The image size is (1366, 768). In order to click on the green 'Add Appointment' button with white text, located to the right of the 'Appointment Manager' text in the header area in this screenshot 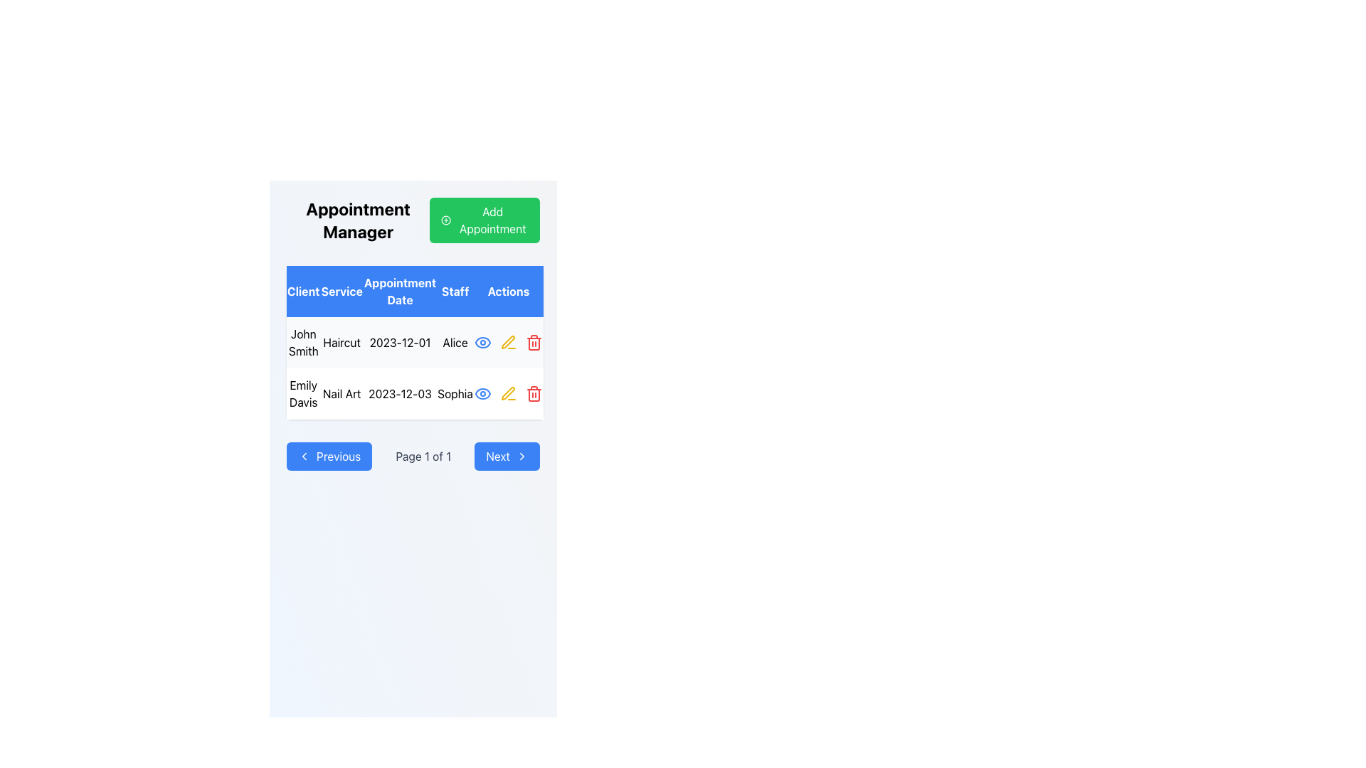, I will do `click(485, 220)`.